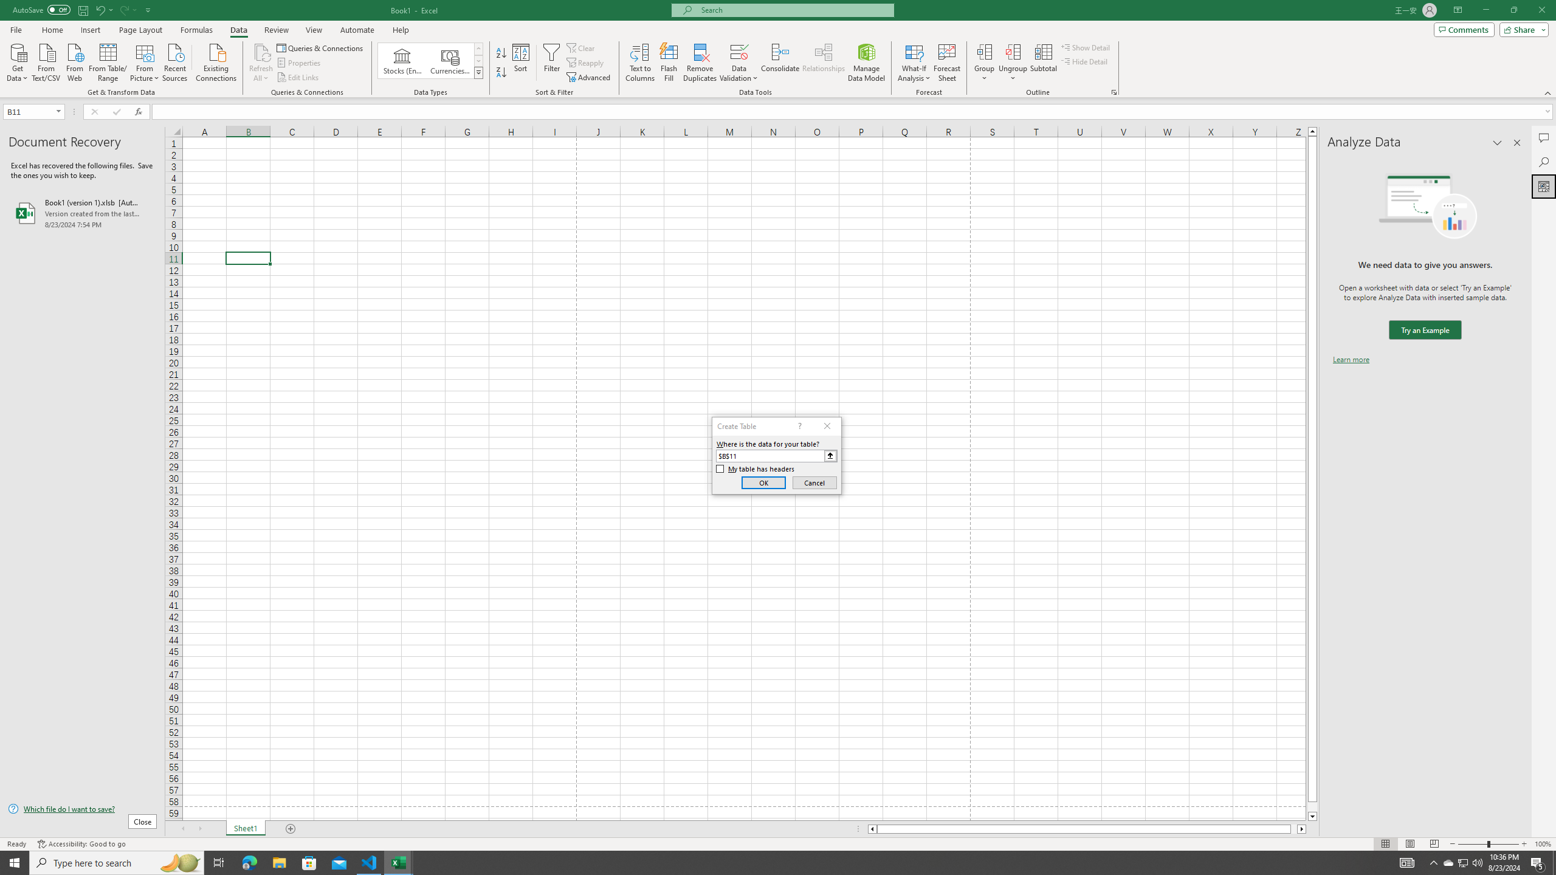  What do you see at coordinates (215, 61) in the screenshot?
I see `'Existing Connections'` at bounding box center [215, 61].